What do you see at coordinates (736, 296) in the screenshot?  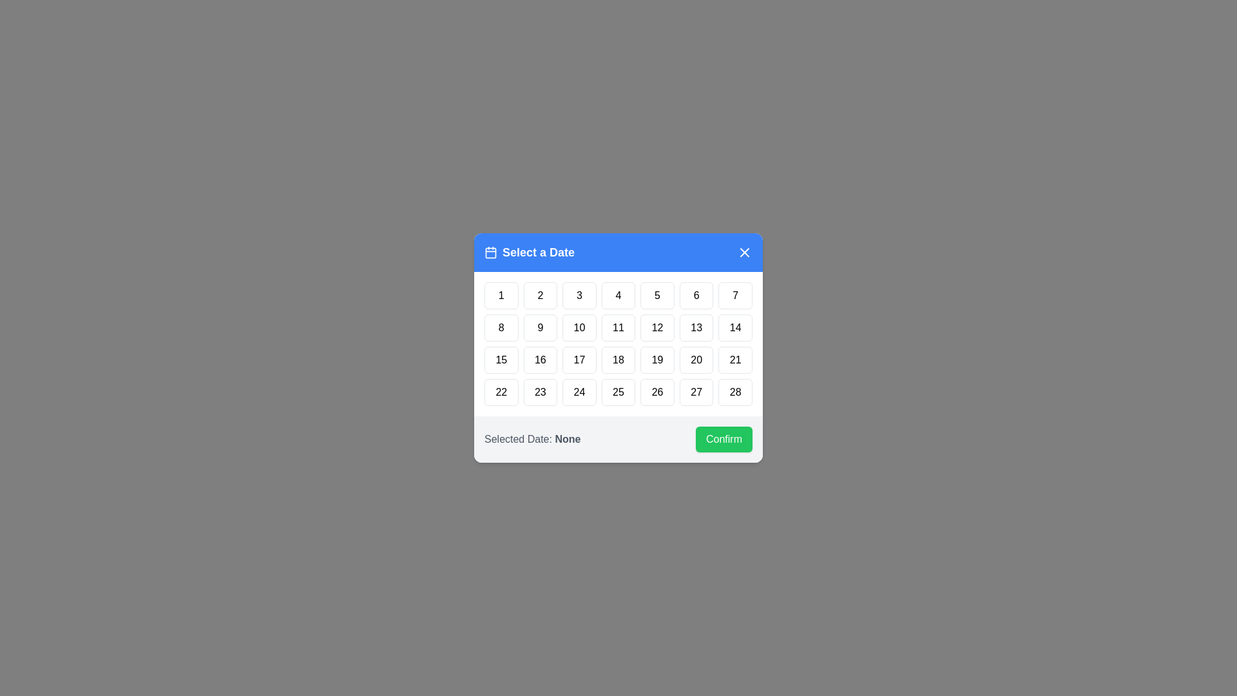 I see `the day button labeled 7 to highlight it` at bounding box center [736, 296].